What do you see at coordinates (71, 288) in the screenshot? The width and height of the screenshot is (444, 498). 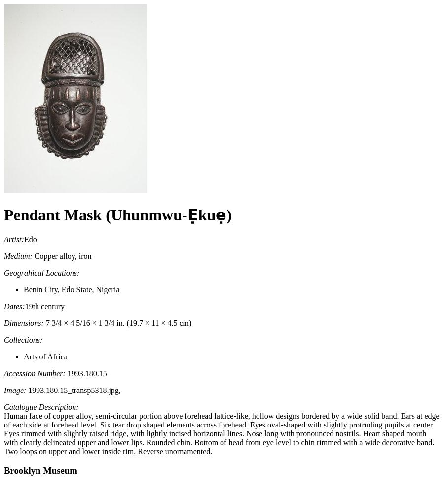 I see `'Benin City, Edo State, Nigeria'` at bounding box center [71, 288].